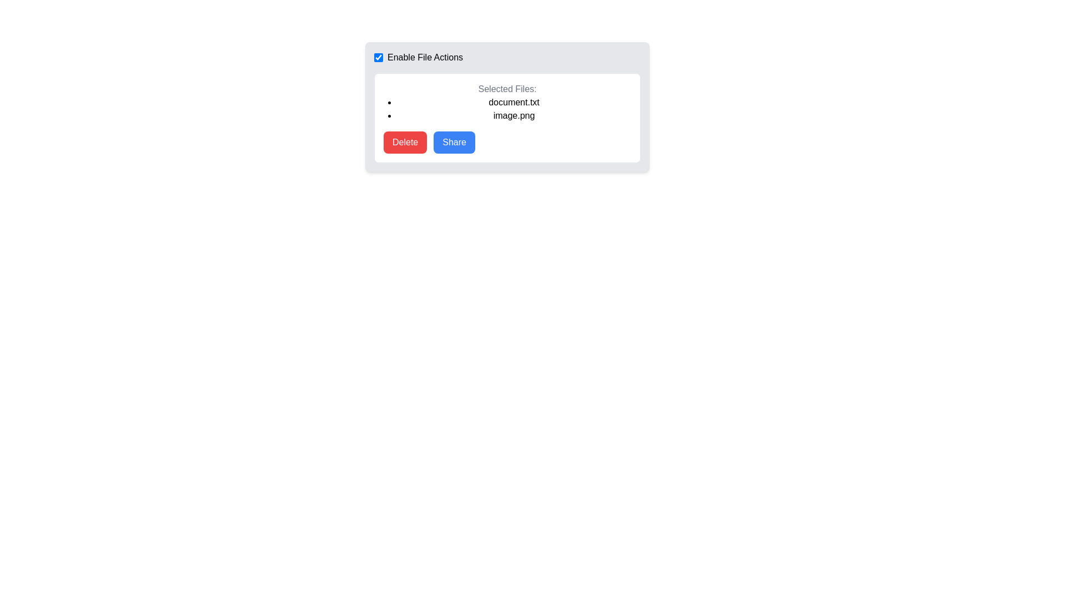  What do you see at coordinates (405, 142) in the screenshot?
I see `the leftmost button in the group that triggers deletion of associated file(s) or items` at bounding box center [405, 142].